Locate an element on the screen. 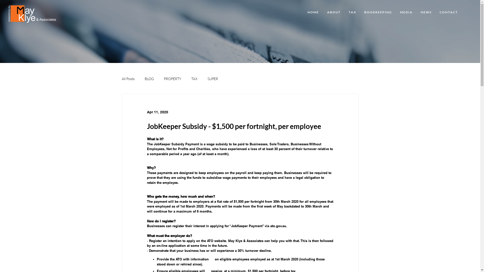  'T A X' is located at coordinates (352, 12).